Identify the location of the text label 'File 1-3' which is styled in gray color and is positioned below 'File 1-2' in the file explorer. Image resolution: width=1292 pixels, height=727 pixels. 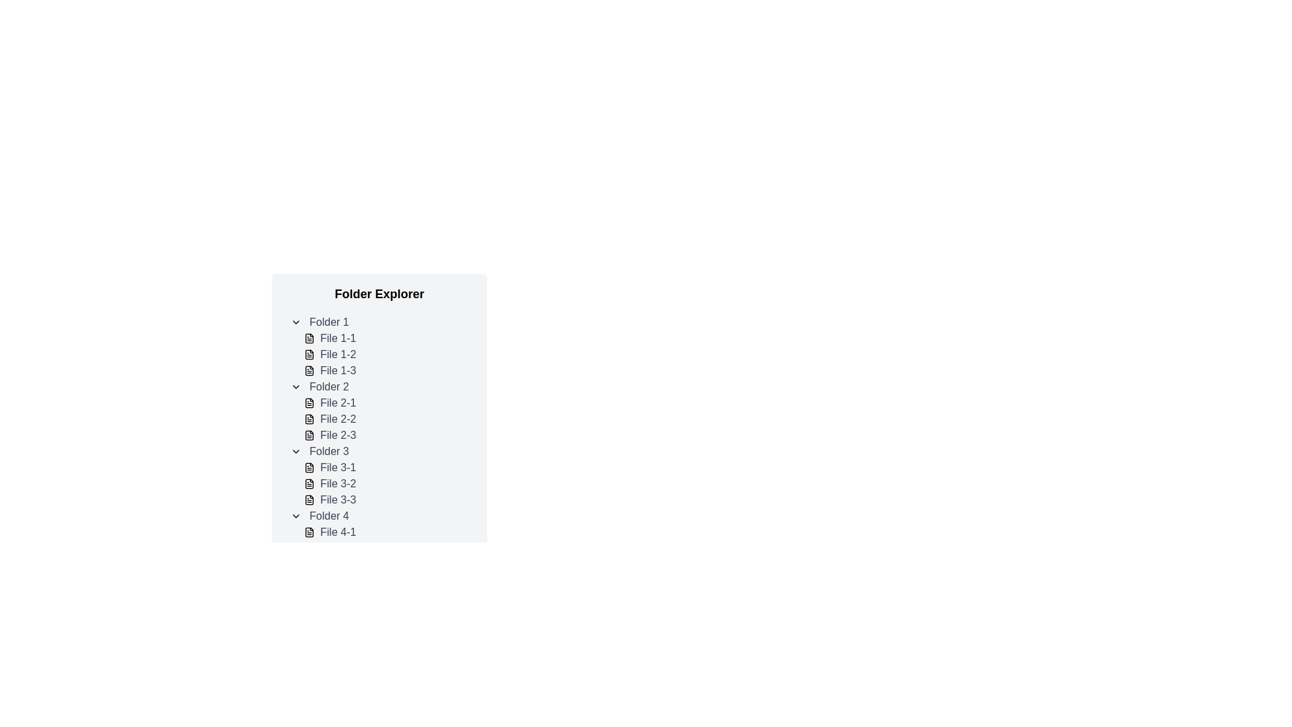
(338, 371).